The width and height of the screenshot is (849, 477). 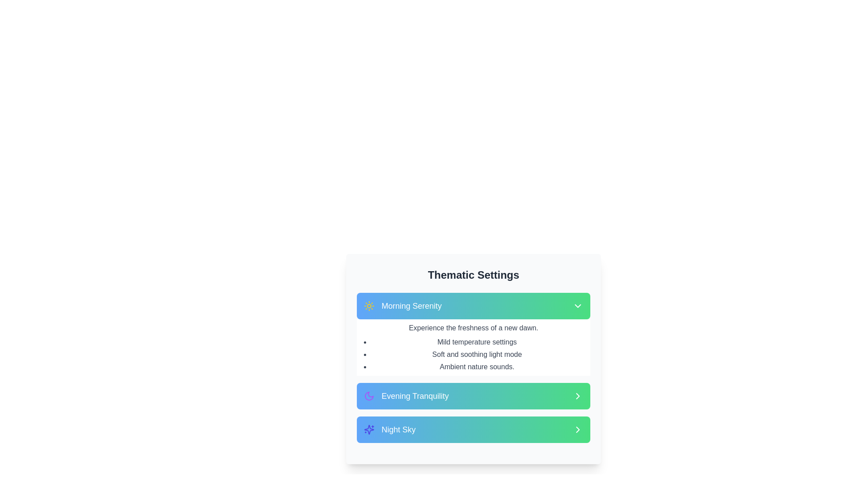 What do you see at coordinates (406, 396) in the screenshot?
I see `the 'Evening Tranquility' text with the purple crescent moon icon` at bounding box center [406, 396].